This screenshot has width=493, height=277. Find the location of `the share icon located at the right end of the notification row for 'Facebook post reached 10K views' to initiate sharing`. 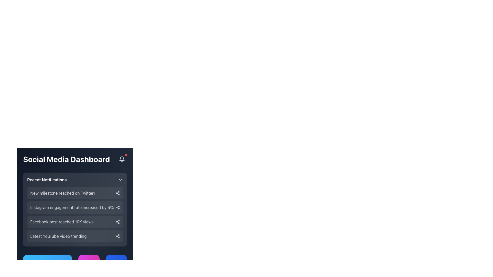

the share icon located at the right end of the notification row for 'Facebook post reached 10K views' to initiate sharing is located at coordinates (118, 221).